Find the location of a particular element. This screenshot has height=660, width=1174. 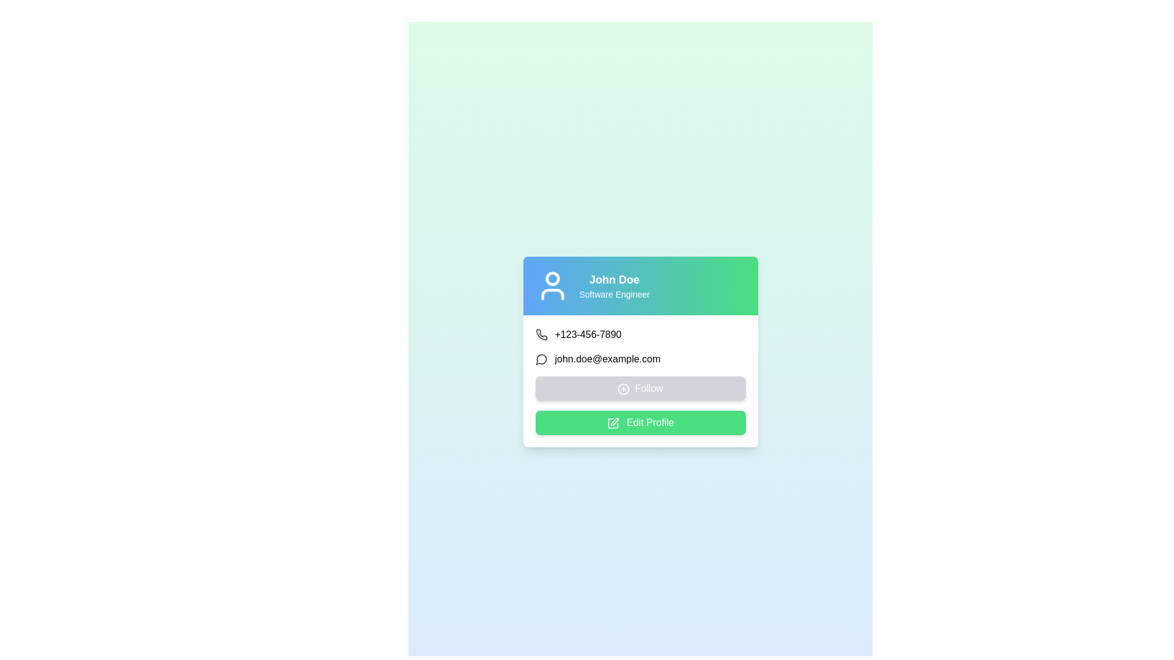

the circular speech bubble icon located on the left side of the contact information section, aligned with the phone number and email address is located at coordinates (541, 359).